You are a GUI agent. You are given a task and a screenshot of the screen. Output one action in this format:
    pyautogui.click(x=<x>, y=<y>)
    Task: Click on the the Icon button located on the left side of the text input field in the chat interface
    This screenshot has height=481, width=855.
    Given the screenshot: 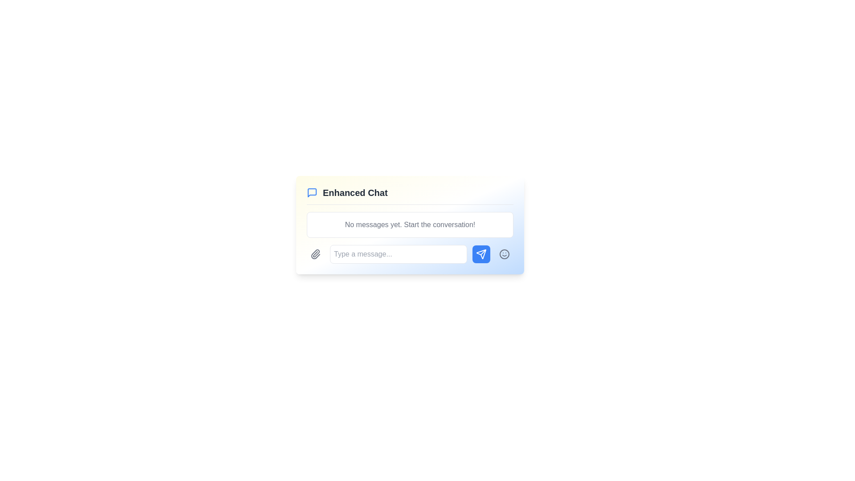 What is the action you would take?
    pyautogui.click(x=316, y=254)
    